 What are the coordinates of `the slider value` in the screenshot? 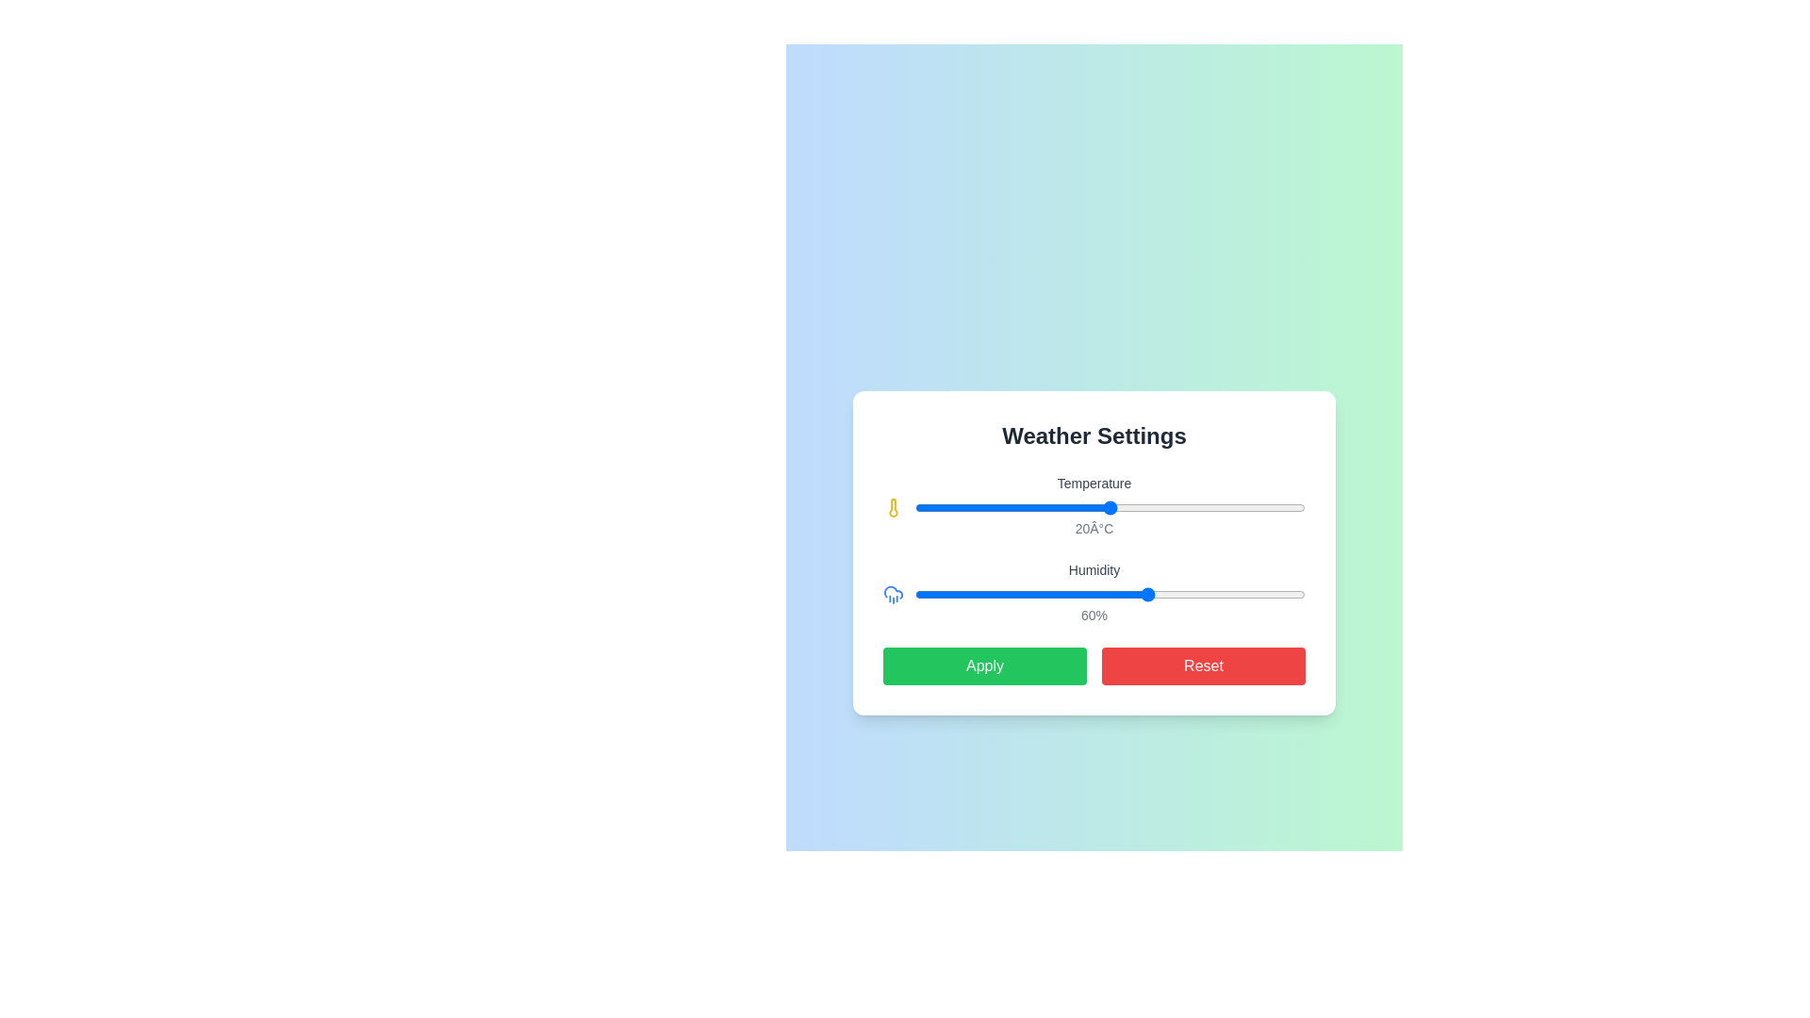 It's located at (1144, 595).